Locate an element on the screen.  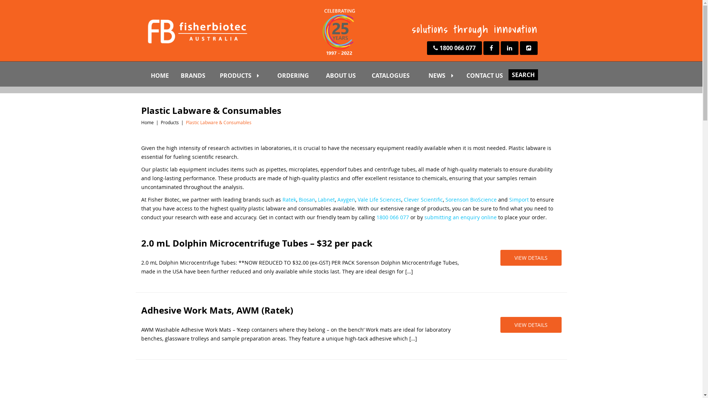
'Labnet' is located at coordinates (318, 199).